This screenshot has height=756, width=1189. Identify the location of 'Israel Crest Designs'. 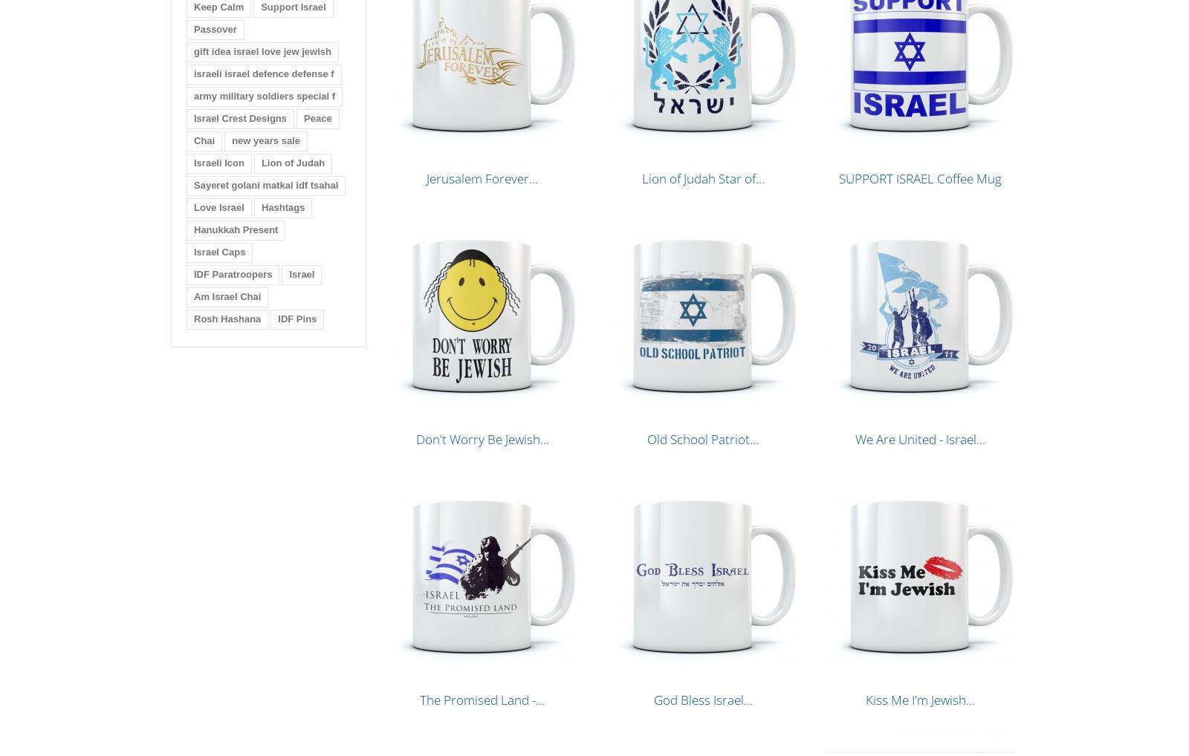
(240, 118).